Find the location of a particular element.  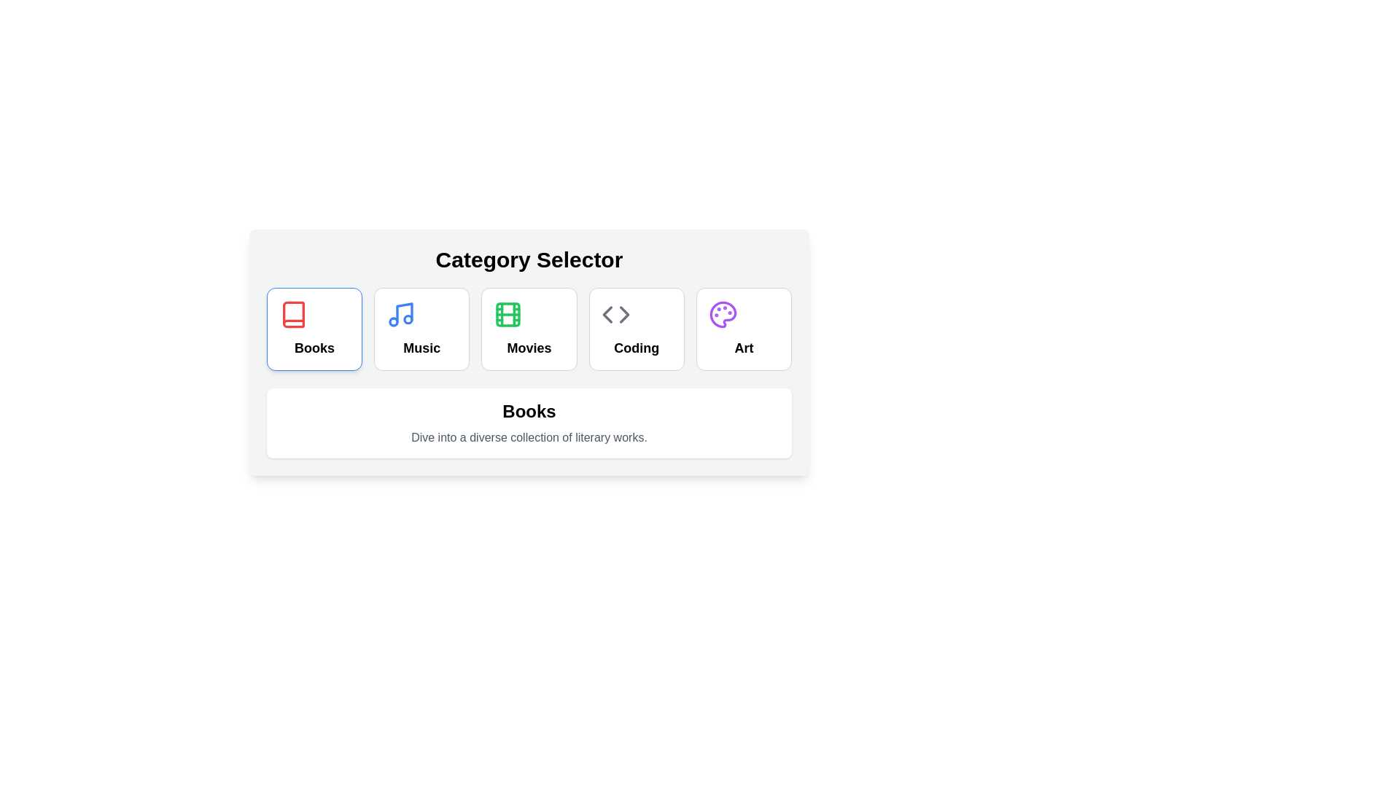

the 'Movies' category icon, which is part of the interactive category card in the 'Category Selector' interface is located at coordinates (508, 314).